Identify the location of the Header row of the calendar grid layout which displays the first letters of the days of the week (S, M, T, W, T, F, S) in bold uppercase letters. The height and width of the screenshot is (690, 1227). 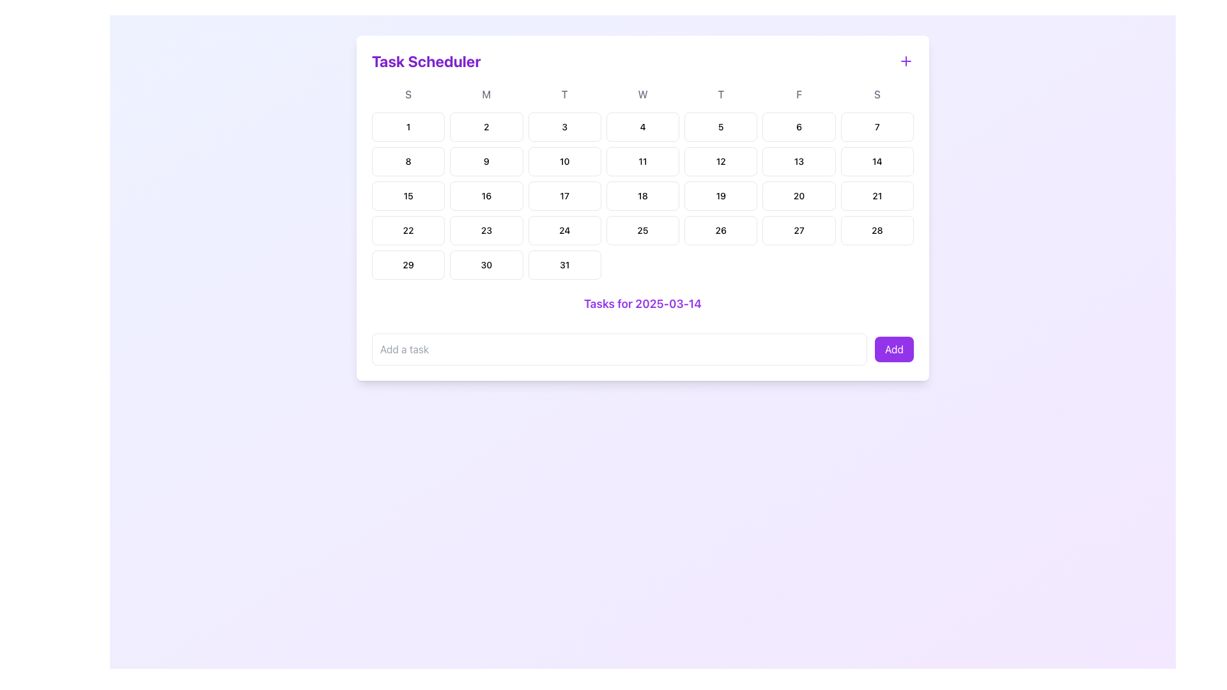
(643, 93).